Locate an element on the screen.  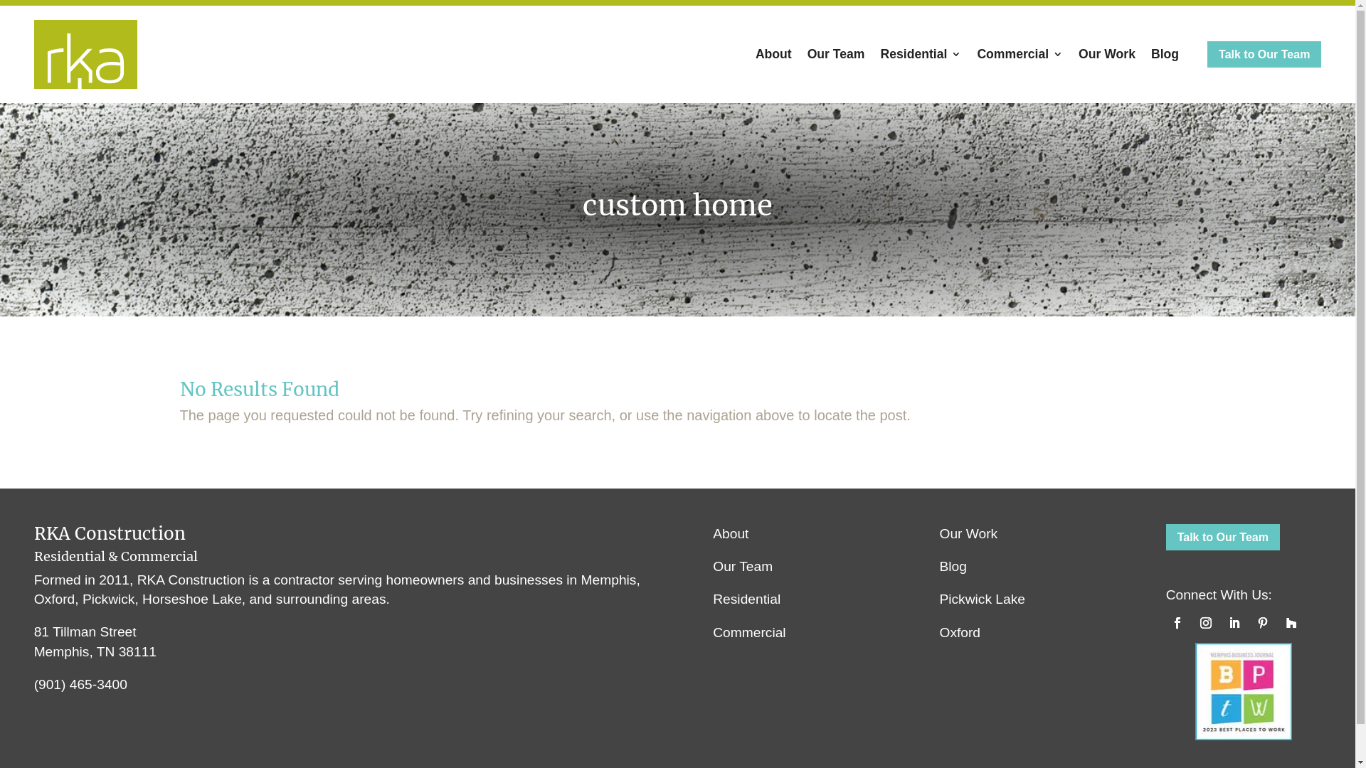
'Follow on Pinterest' is located at coordinates (1263, 622).